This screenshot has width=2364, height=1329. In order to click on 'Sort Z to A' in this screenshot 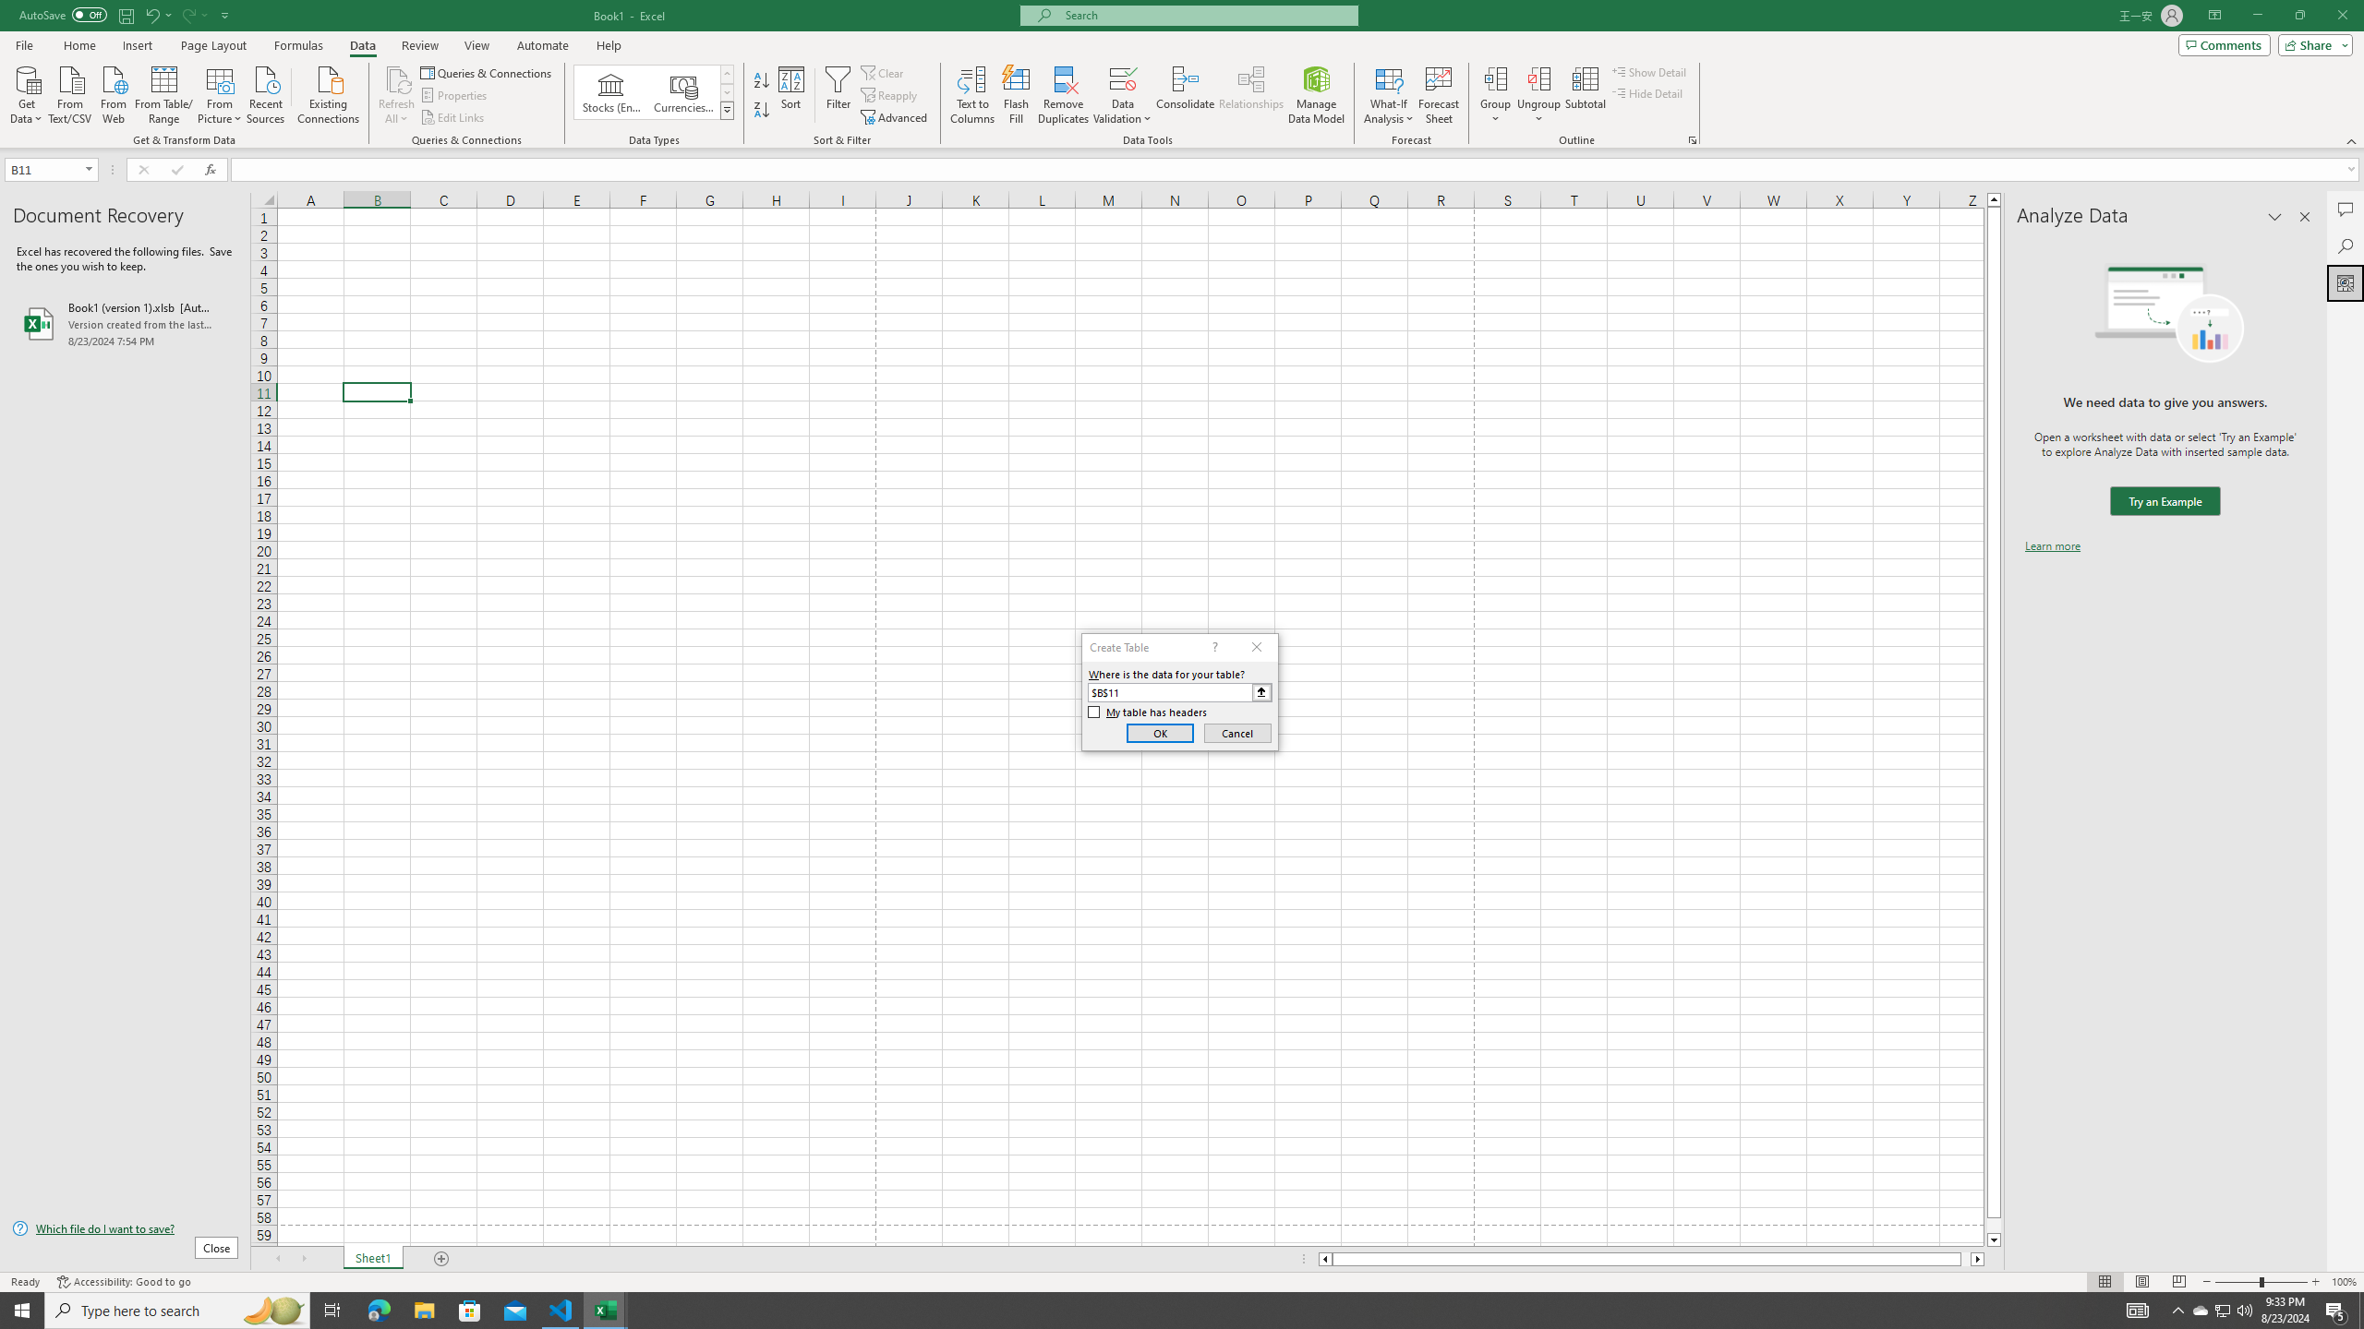, I will do `click(761, 109)`.